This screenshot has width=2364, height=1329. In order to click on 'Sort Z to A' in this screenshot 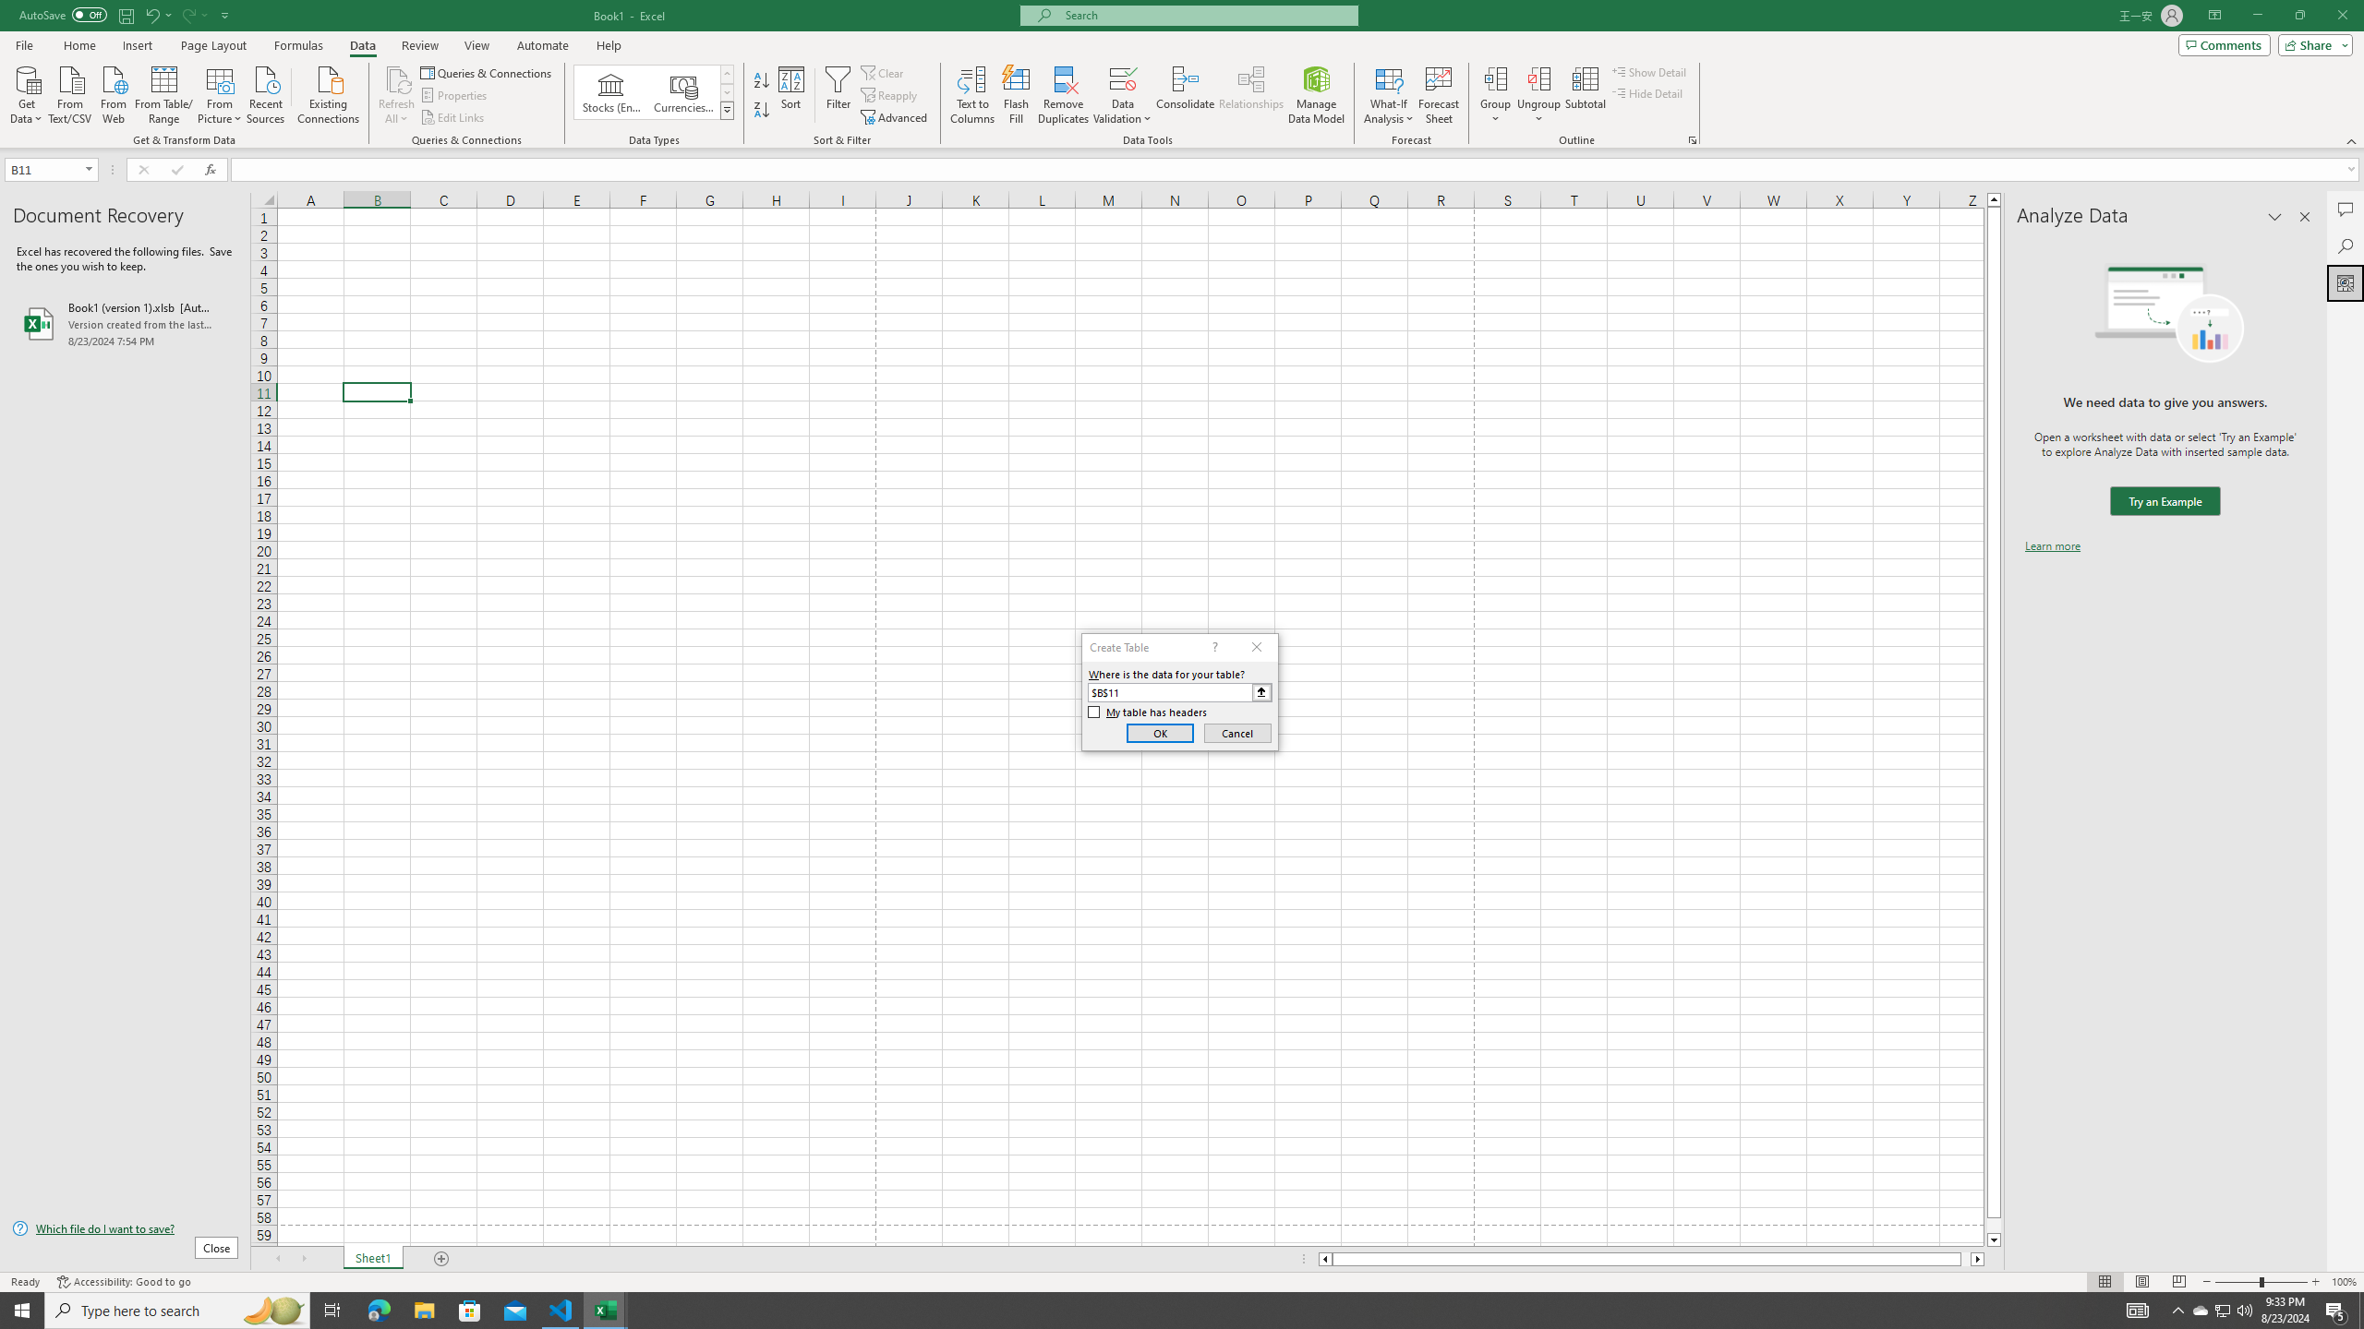, I will do `click(761, 109)`.